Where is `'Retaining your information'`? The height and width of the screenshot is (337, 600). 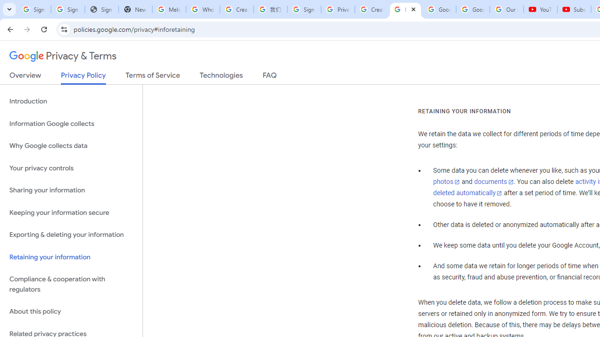 'Retaining your information' is located at coordinates (71, 257).